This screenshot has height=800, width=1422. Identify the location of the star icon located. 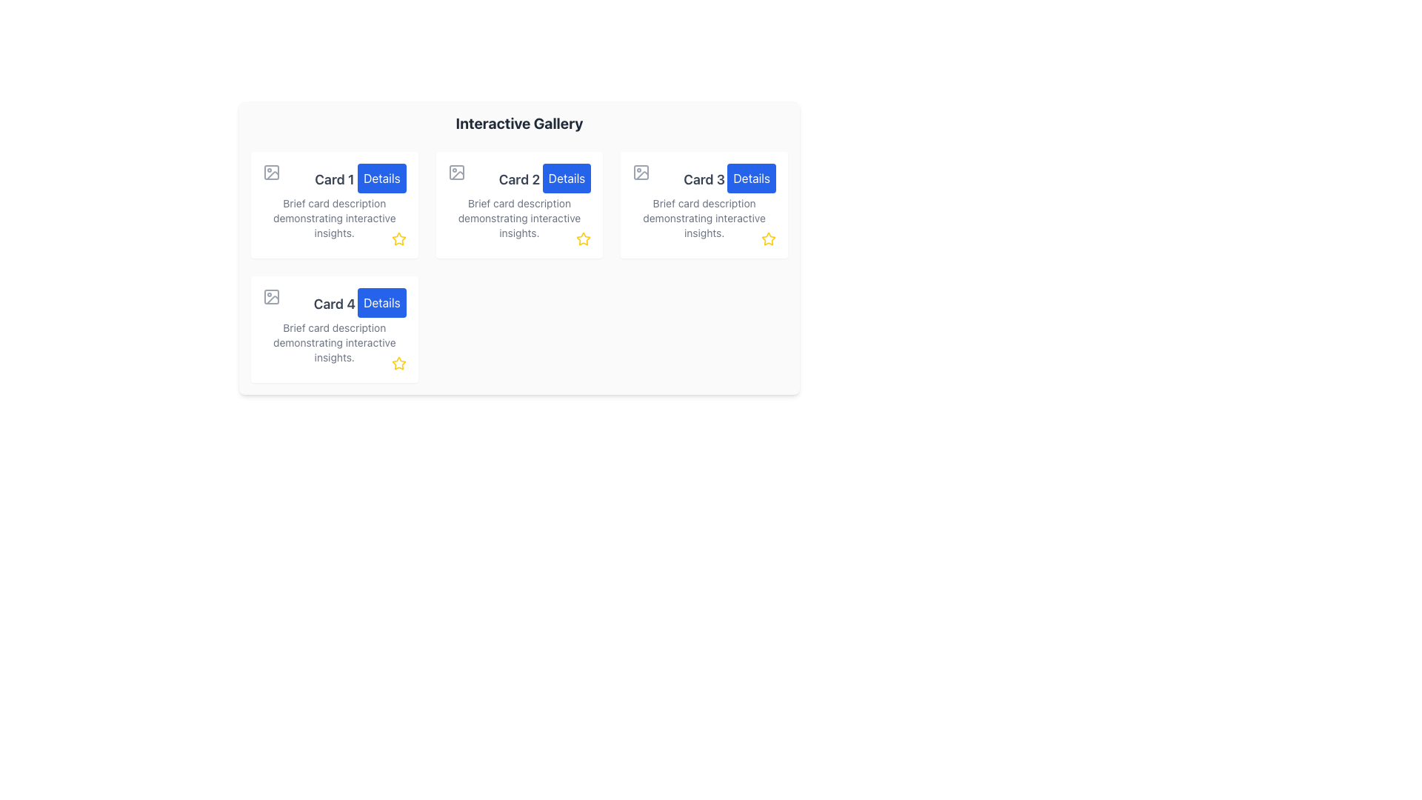
(398, 363).